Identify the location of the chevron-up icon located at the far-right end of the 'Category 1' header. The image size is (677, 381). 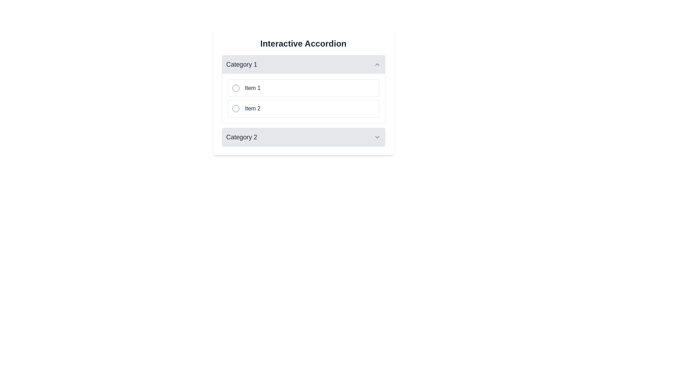
(377, 64).